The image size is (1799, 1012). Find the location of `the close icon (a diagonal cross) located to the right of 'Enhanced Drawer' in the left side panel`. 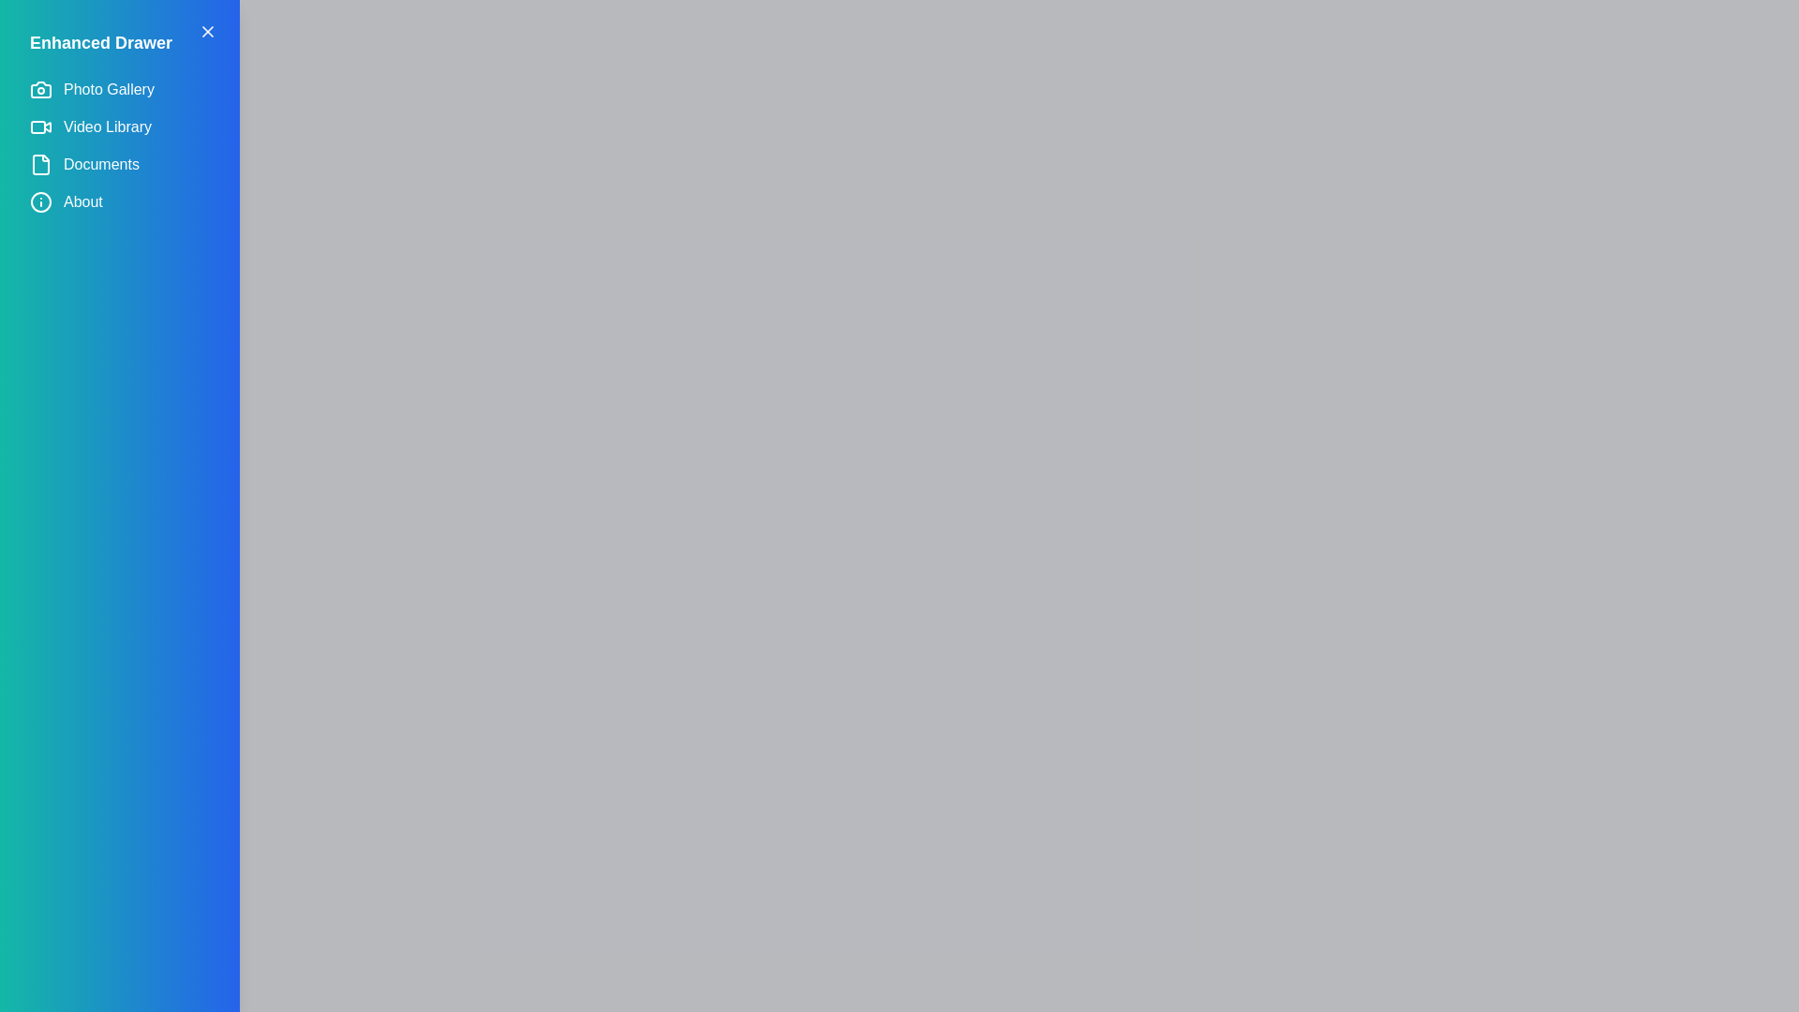

the close icon (a diagonal cross) located to the right of 'Enhanced Drawer' in the left side panel is located at coordinates (207, 32).